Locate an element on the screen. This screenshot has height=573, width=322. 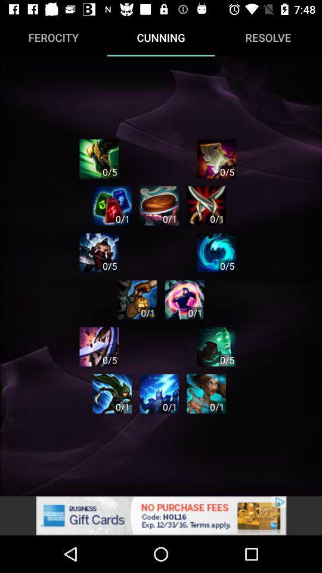
game level is located at coordinates (98, 347).